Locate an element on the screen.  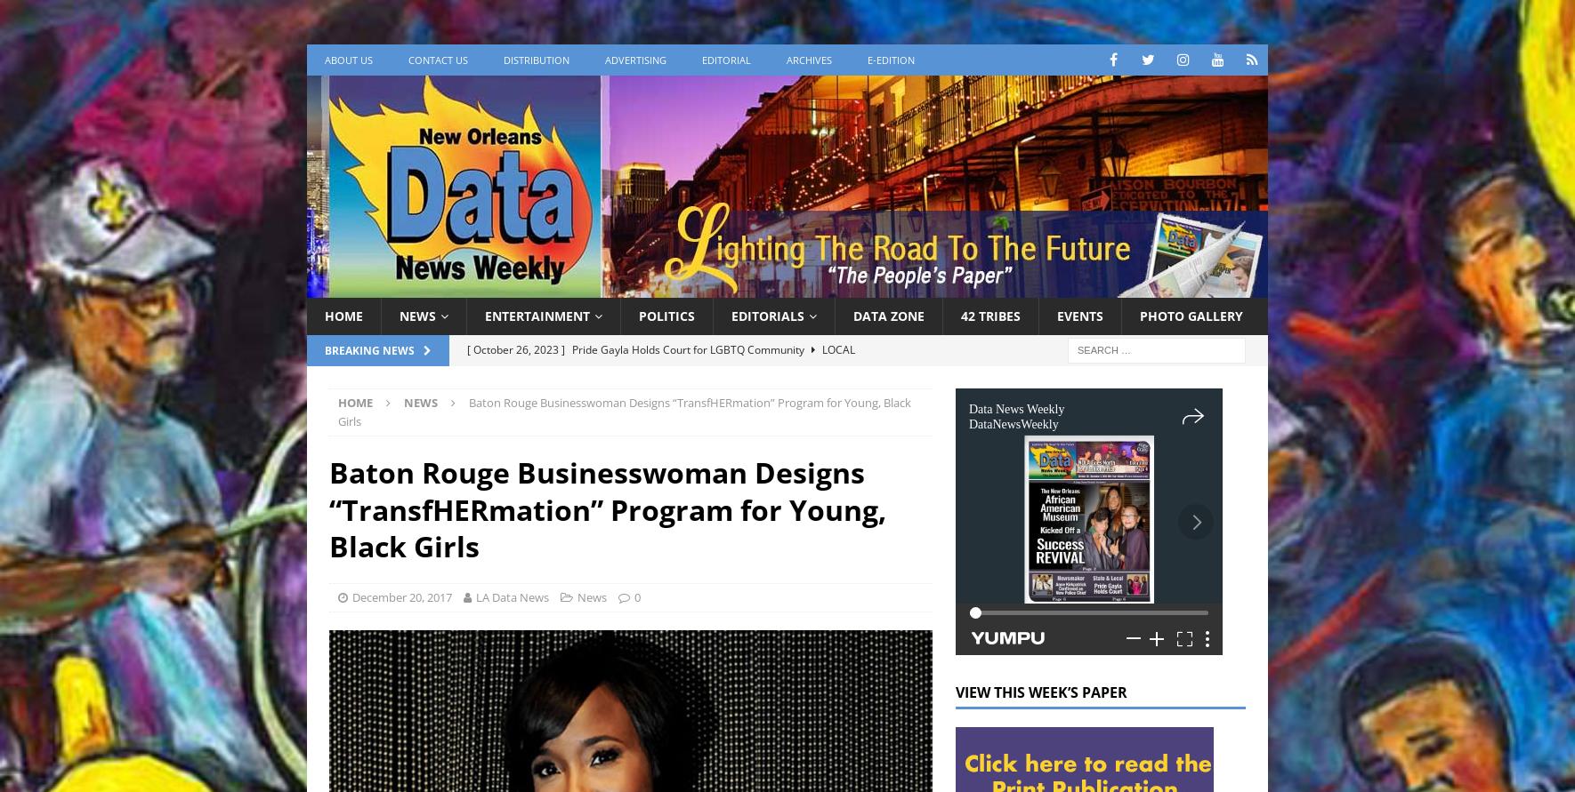
'The New Orleans African American Museum Kicked Off a Success REVIVAL' is located at coordinates (466, 364).